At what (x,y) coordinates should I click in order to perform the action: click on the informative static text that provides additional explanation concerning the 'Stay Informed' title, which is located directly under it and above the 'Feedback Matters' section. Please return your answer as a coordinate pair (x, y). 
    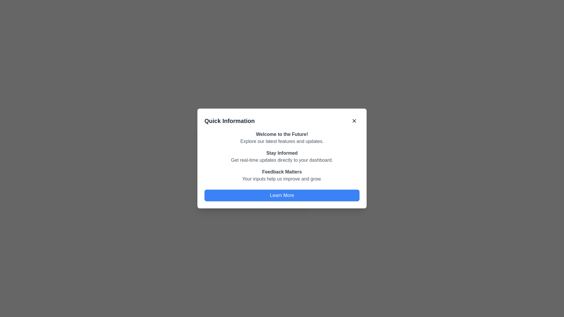
    Looking at the image, I should click on (282, 160).